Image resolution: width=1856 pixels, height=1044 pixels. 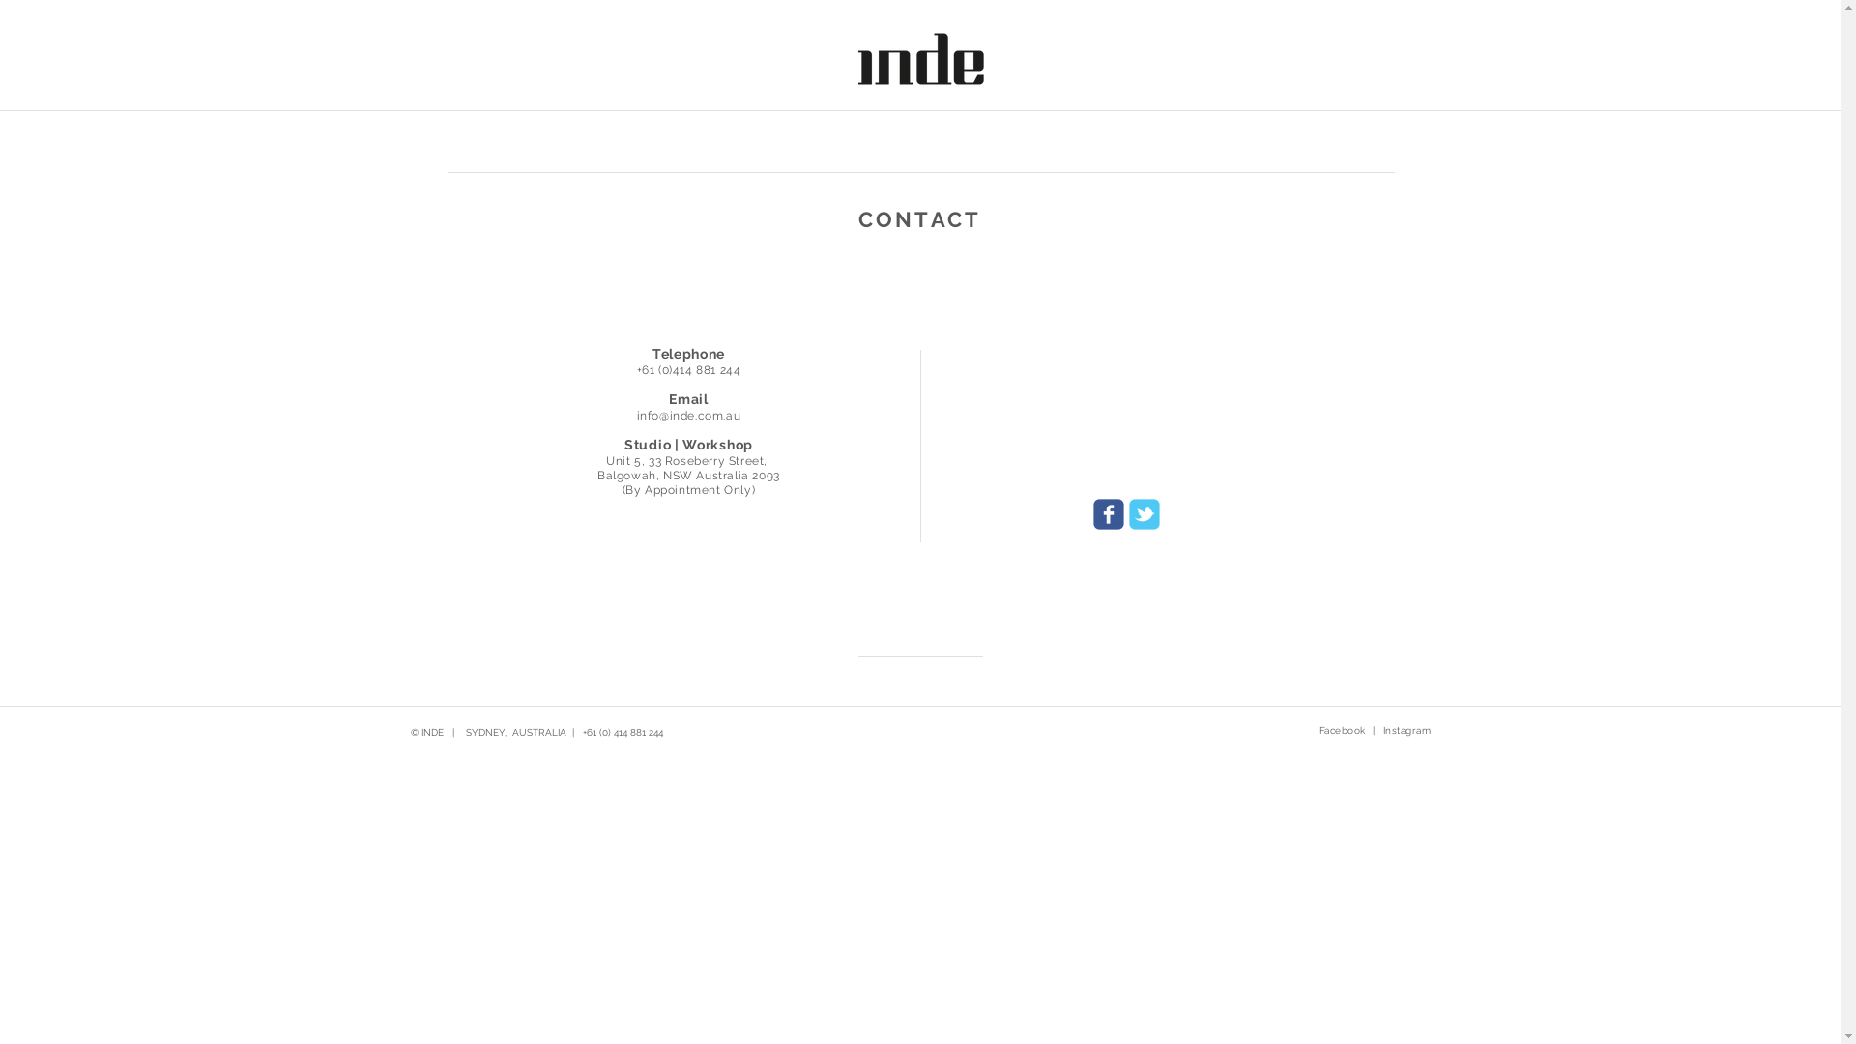 I want to click on 'Facebook  |', so click(x=1345, y=731).